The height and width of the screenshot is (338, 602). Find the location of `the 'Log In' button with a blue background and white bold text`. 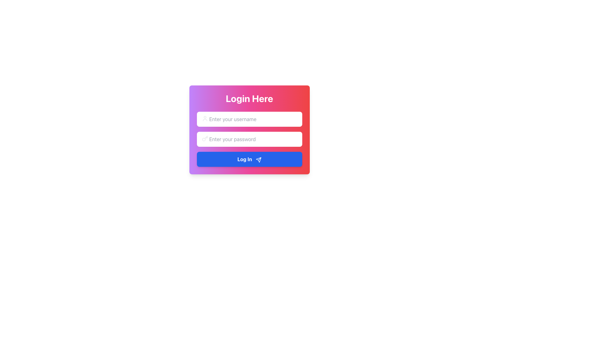

the 'Log In' button with a blue background and white bold text is located at coordinates (249, 159).